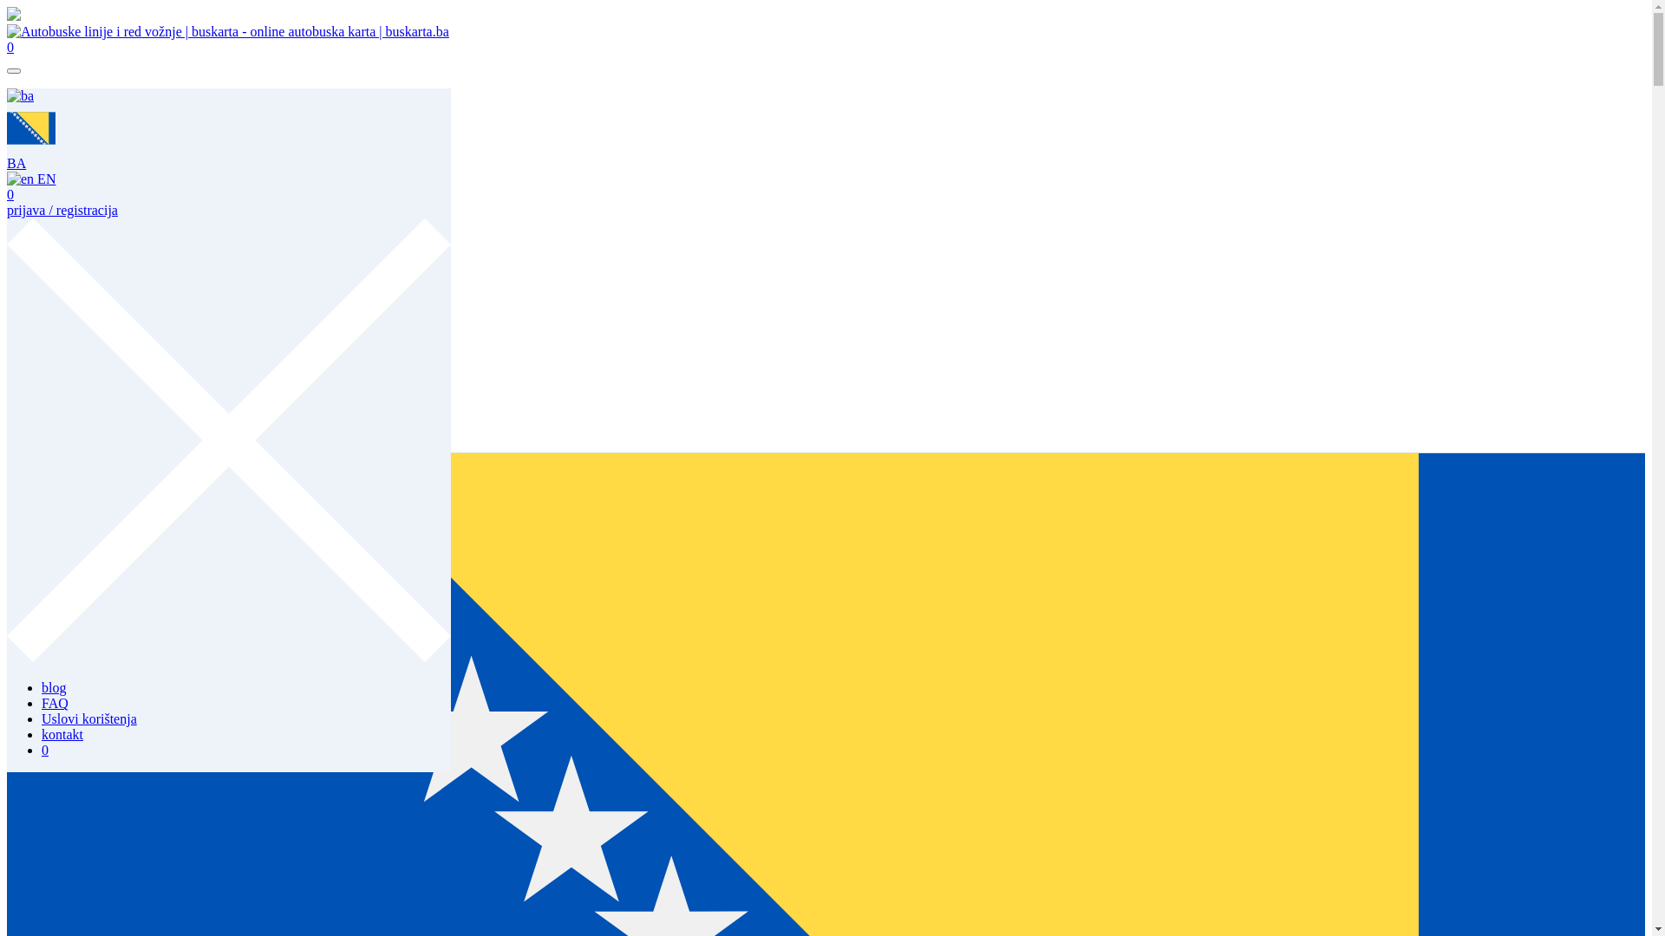 Image resolution: width=1665 pixels, height=936 pixels. I want to click on 'kontakt', so click(42, 141).